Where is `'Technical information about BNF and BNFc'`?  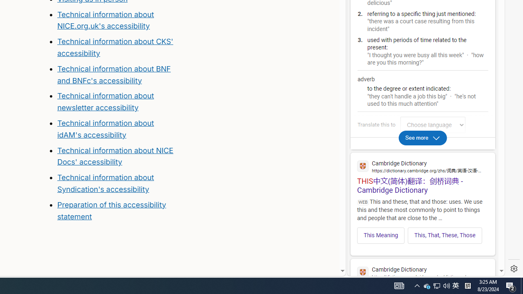 'Technical information about BNF and BNFc' is located at coordinates (114, 74).